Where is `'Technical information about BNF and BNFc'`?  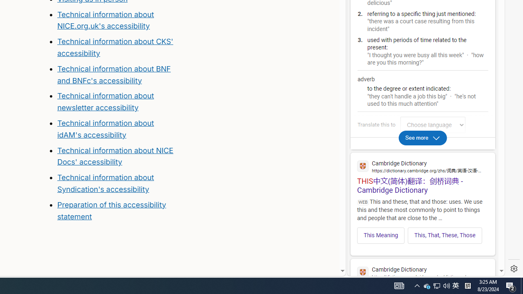 'Technical information about BNF and BNFc' is located at coordinates (114, 74).